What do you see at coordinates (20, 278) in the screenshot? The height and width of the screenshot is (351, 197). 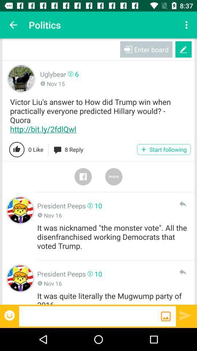 I see `open profile picture` at bounding box center [20, 278].